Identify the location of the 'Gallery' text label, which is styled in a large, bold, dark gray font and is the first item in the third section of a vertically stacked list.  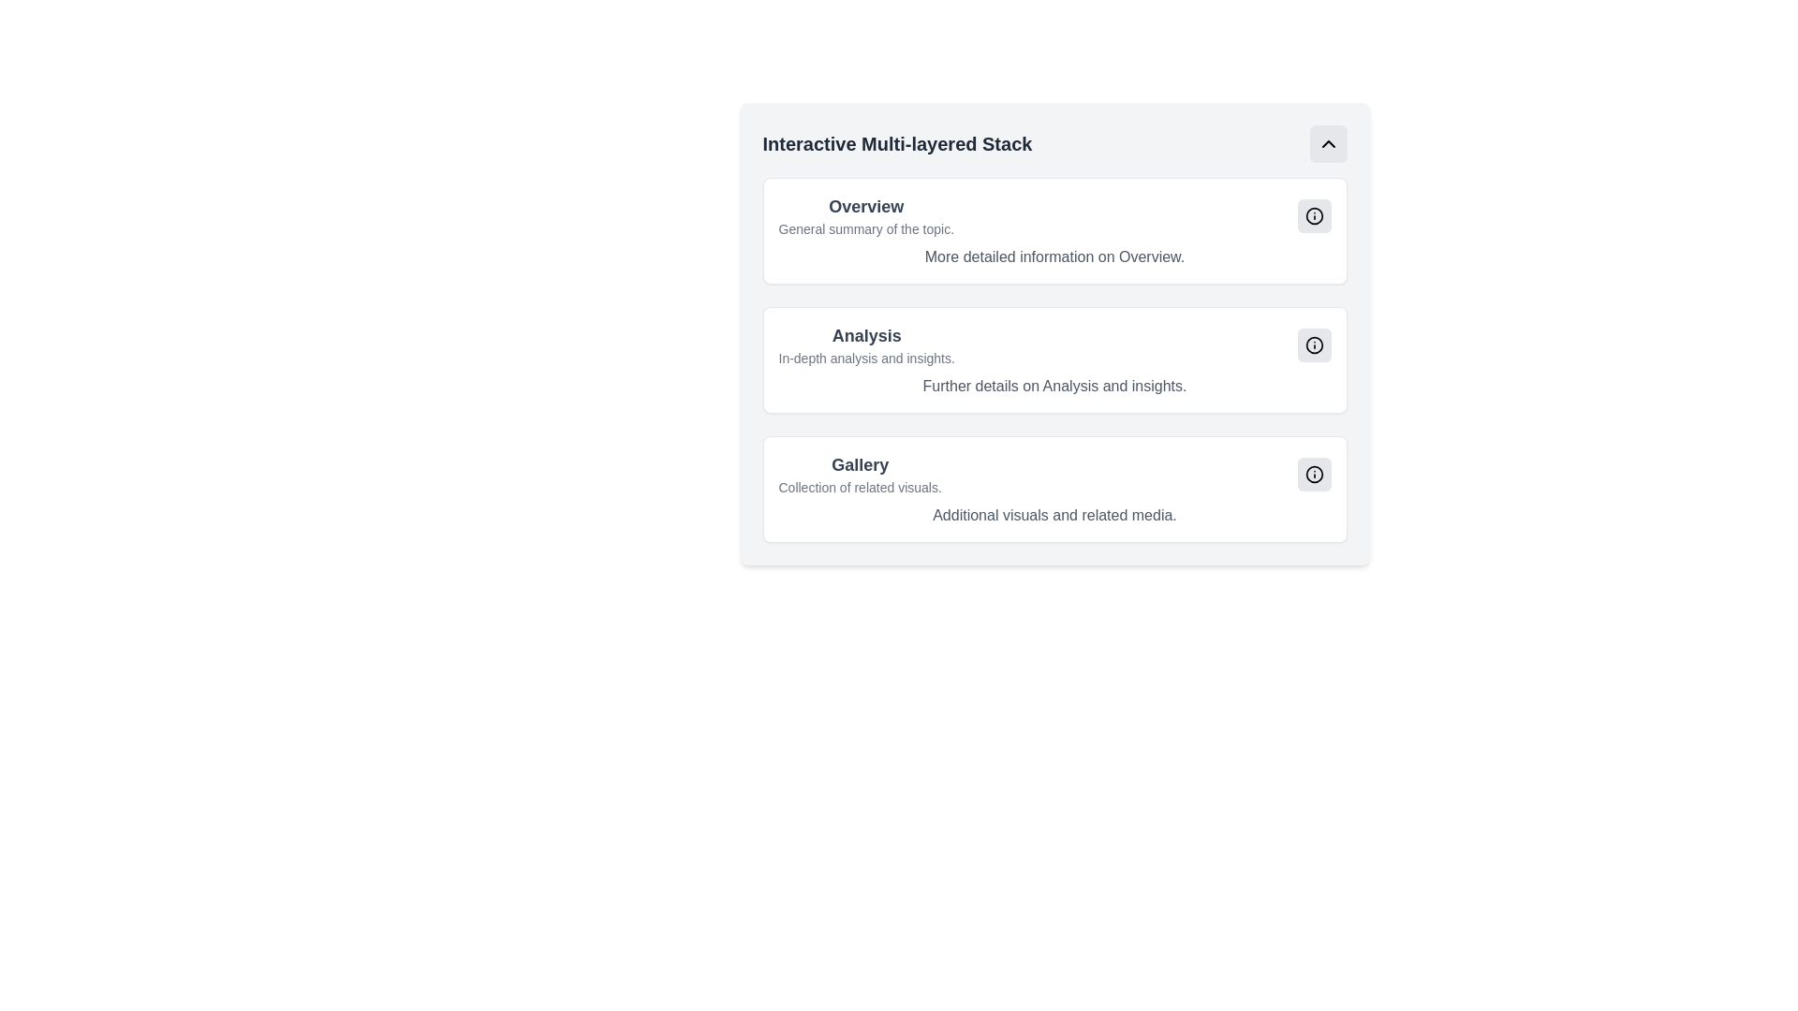
(859, 464).